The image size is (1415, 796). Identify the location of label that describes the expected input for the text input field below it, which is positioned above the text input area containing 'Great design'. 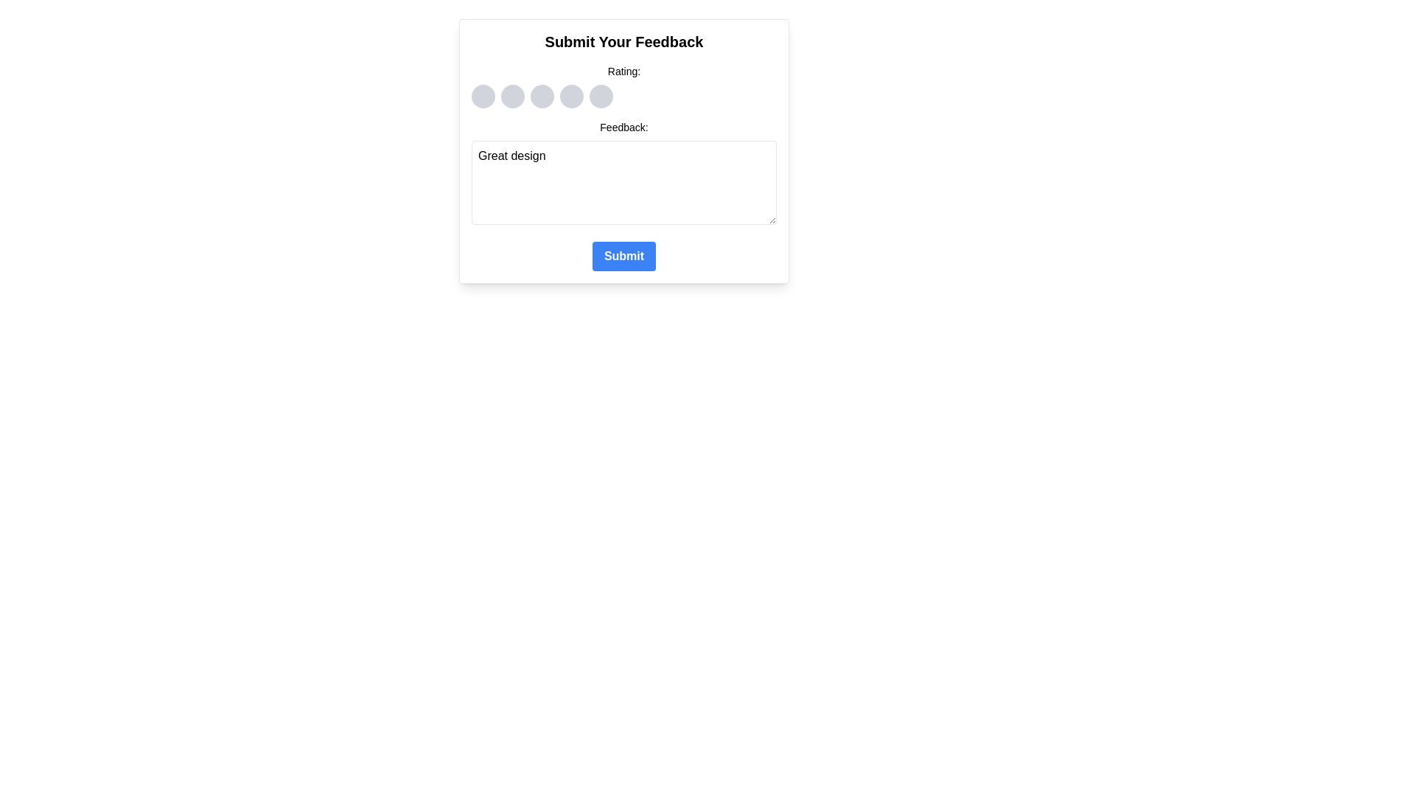
(623, 127).